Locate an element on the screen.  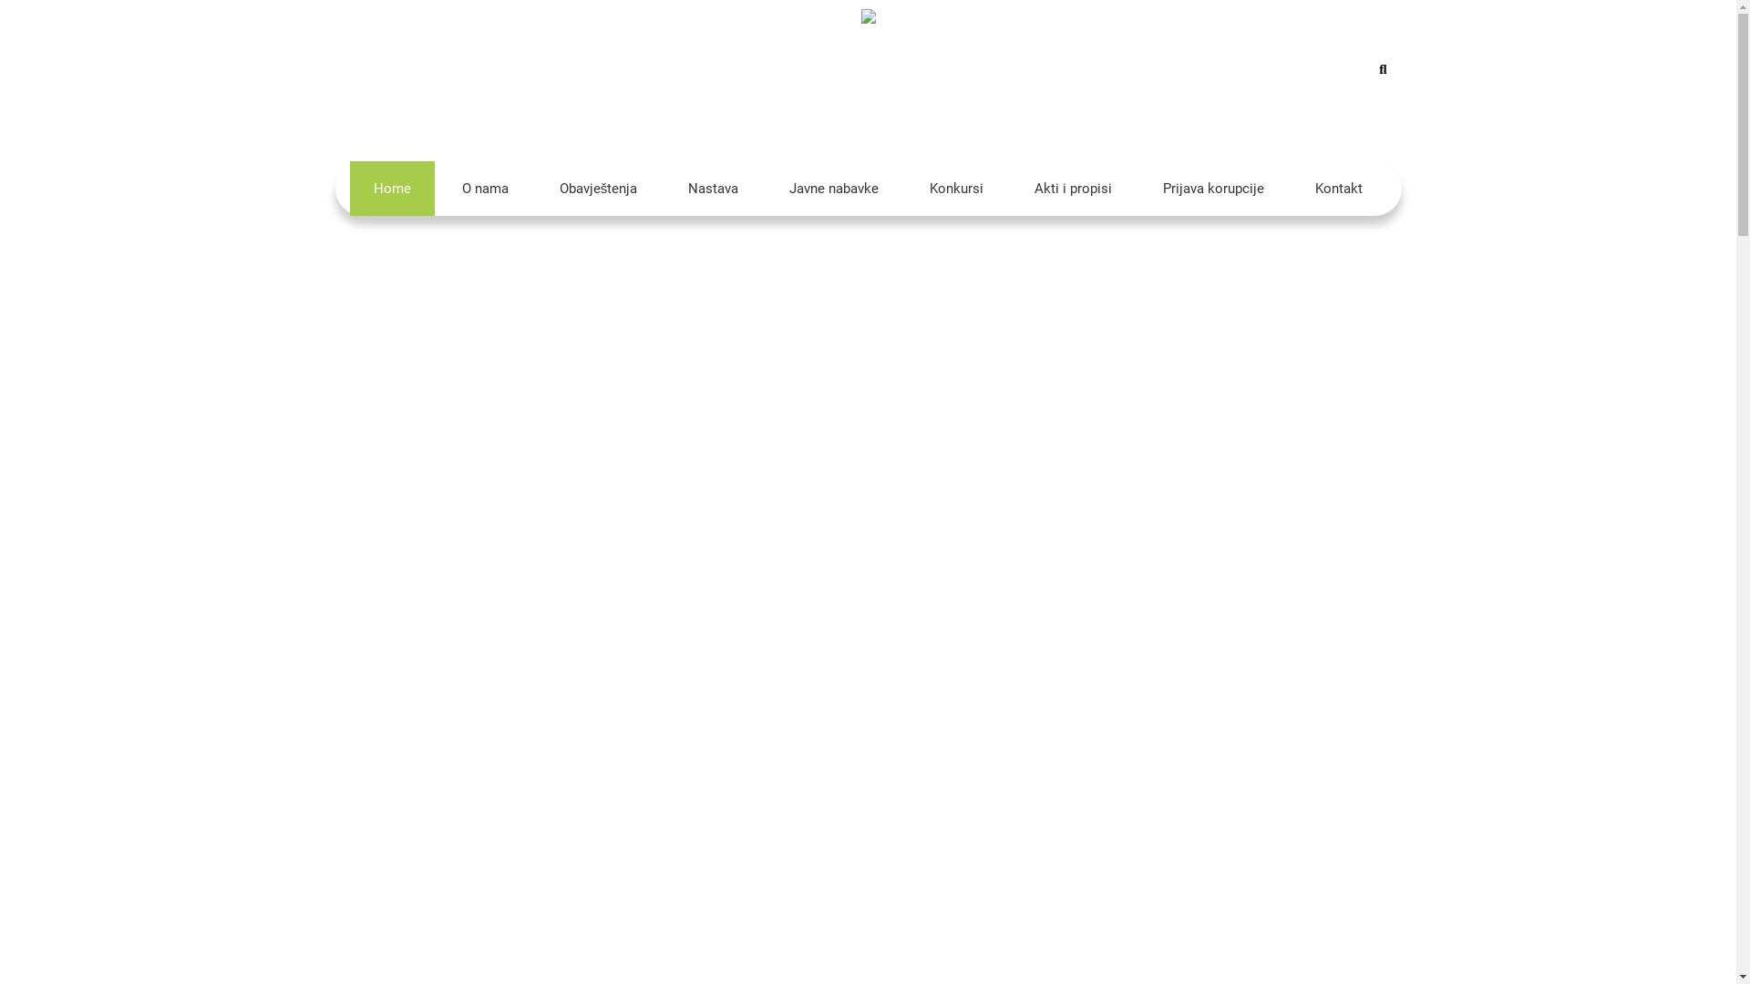
'O nama' is located at coordinates (485, 189).